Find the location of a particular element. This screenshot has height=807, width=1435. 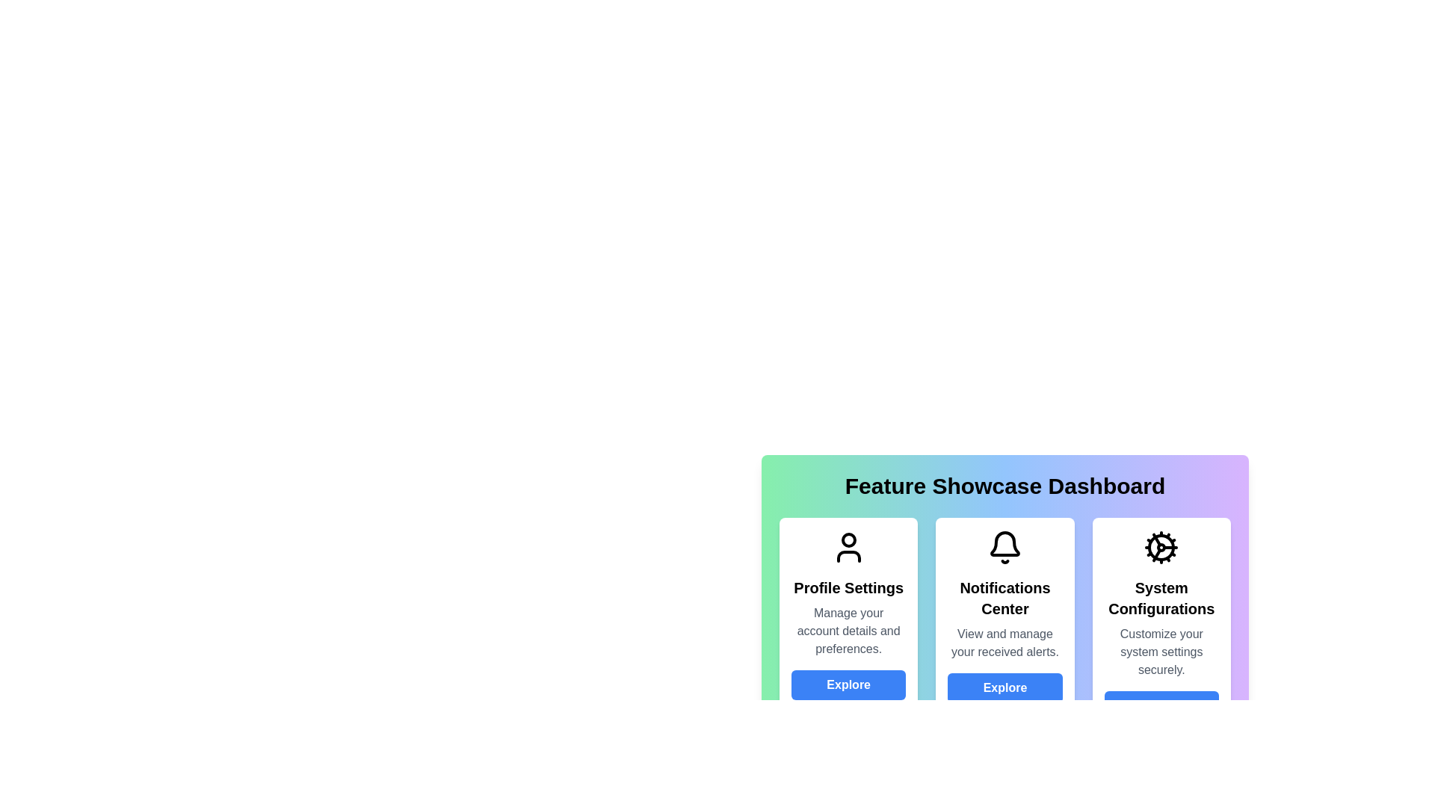

the 'Notifications Center' interactive card located in the middle of the grid layout by moving the mouse to its center coordinates is located at coordinates (1004, 568).